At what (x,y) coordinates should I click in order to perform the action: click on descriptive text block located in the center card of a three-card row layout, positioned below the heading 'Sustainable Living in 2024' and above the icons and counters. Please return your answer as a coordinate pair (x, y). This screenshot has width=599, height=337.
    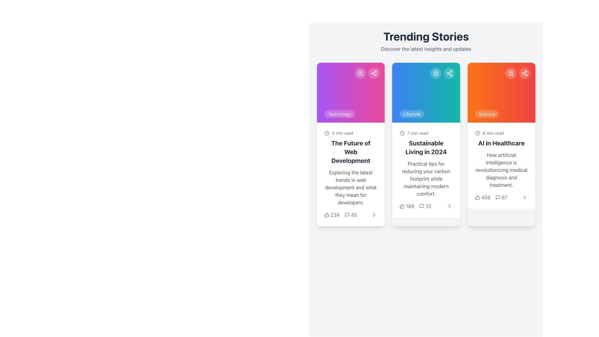
    Looking at the image, I should click on (426, 179).